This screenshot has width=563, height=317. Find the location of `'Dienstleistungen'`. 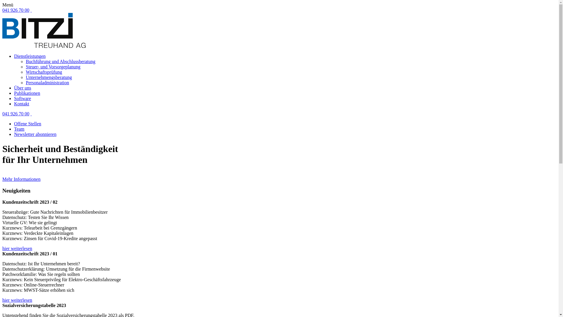

'Dienstleistungen' is located at coordinates (29, 56).